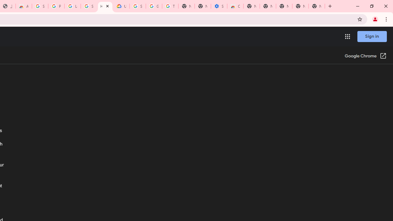 The image size is (393, 221). What do you see at coordinates (235, 6) in the screenshot?
I see `'Chrome Web Store - Accessibility extensions'` at bounding box center [235, 6].